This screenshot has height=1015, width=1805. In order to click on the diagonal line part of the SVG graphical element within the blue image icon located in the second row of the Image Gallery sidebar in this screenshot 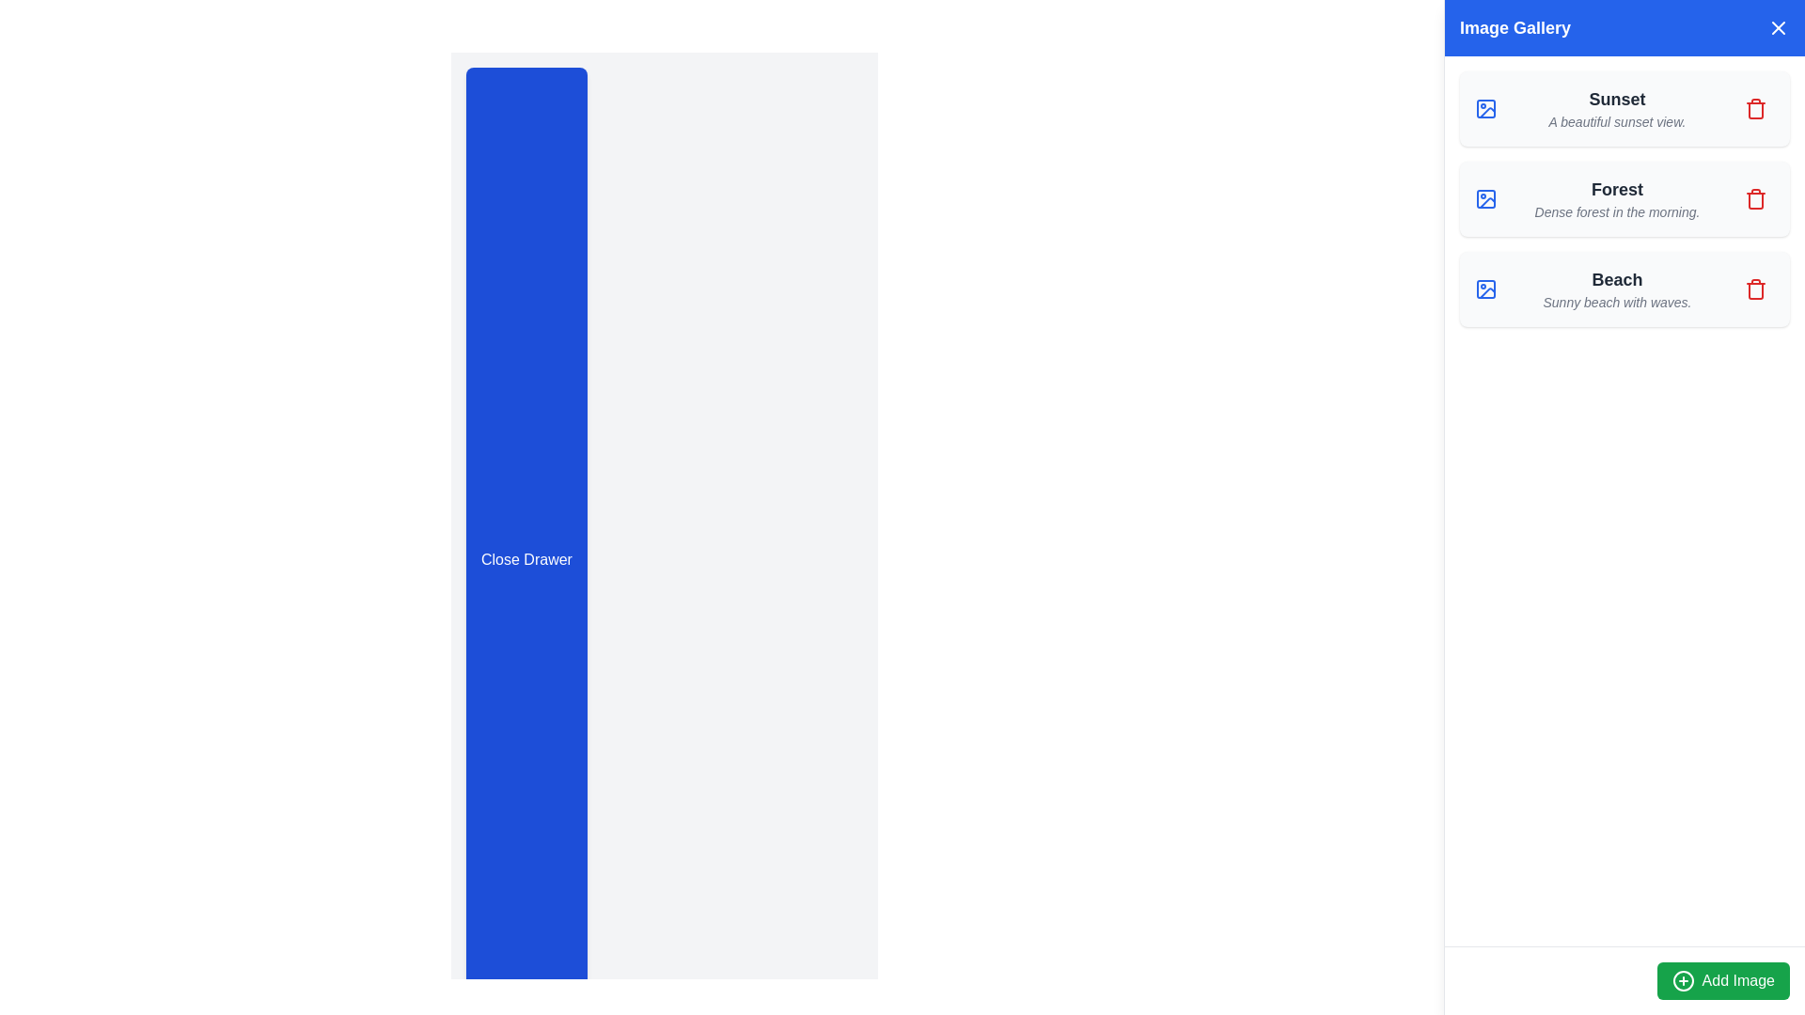, I will do `click(1486, 203)`.